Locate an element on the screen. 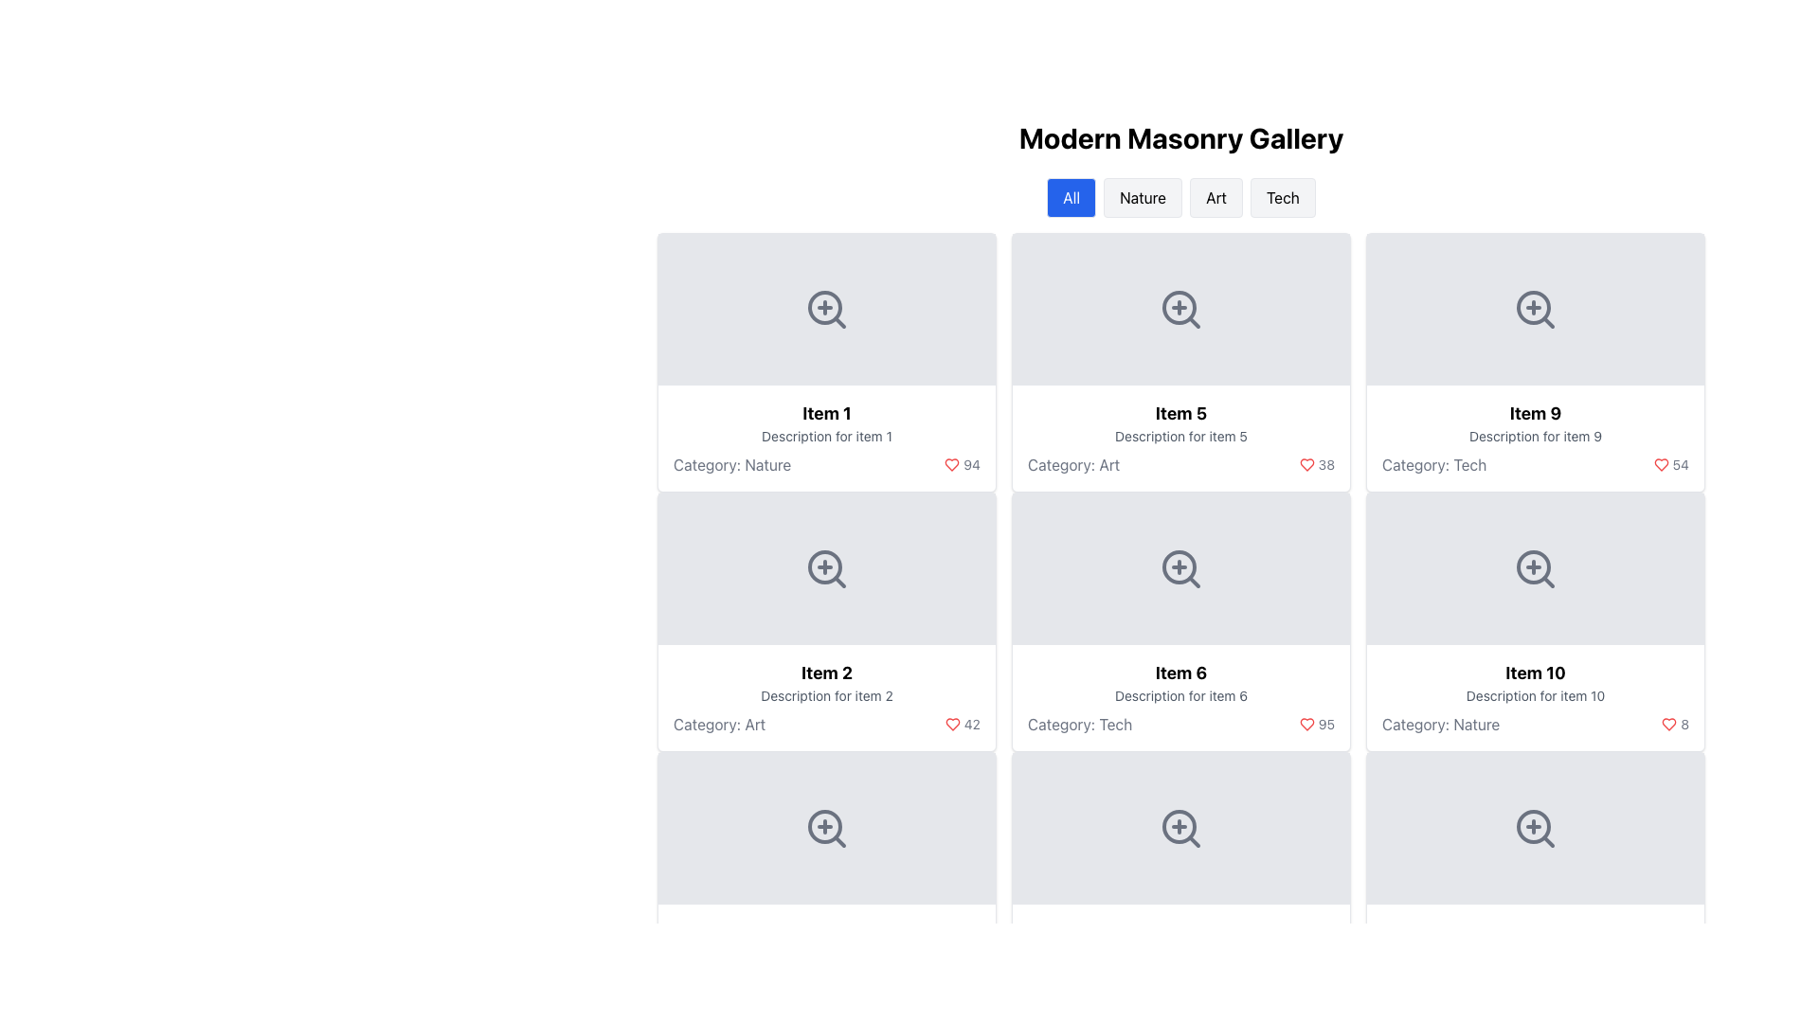 The width and height of the screenshot is (1819, 1023). the center of the magnifying glass with a plus icon located in the upper section of the 'Item 5' card in the second column of the first row of the grid to zoom in is located at coordinates (1180, 309).